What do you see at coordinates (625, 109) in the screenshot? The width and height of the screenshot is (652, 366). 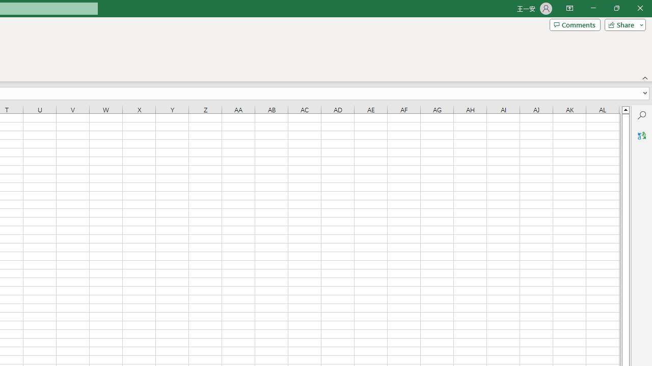 I see `'Line up'` at bounding box center [625, 109].